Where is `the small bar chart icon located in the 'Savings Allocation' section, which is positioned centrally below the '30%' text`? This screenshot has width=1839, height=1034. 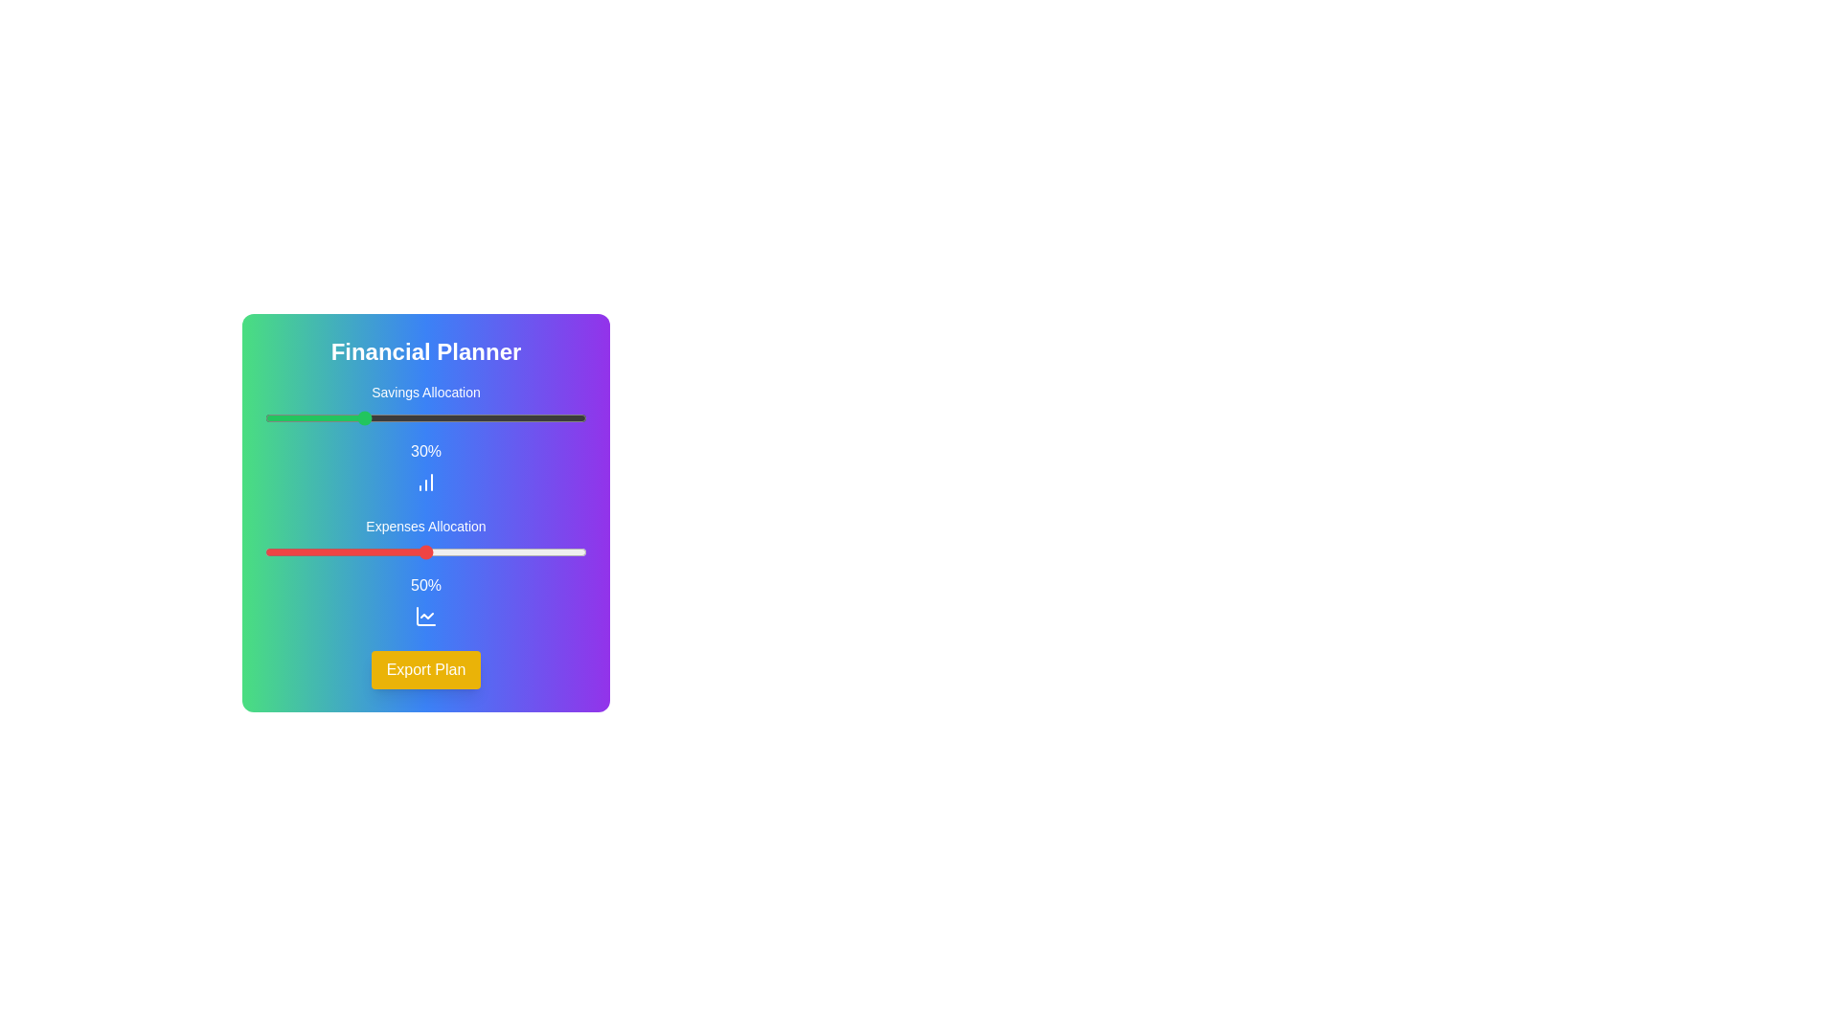
the small bar chart icon located in the 'Savings Allocation' section, which is positioned centrally below the '30%' text is located at coordinates (425, 482).